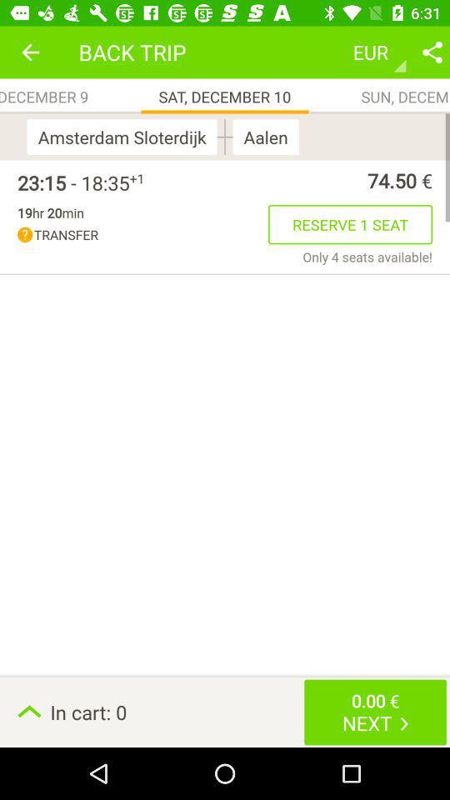  I want to click on amsterdam sloterdijk item, so click(124, 136).